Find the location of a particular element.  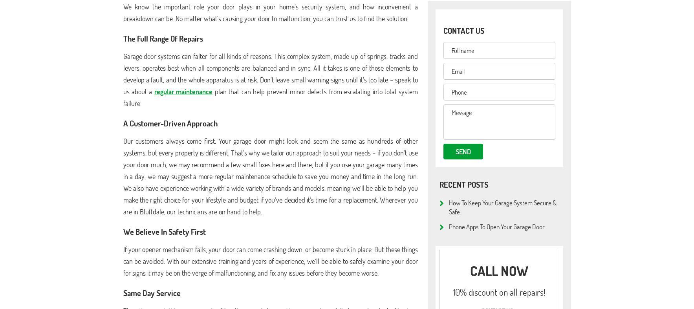

'The Full Range Of Repairs' is located at coordinates (163, 38).